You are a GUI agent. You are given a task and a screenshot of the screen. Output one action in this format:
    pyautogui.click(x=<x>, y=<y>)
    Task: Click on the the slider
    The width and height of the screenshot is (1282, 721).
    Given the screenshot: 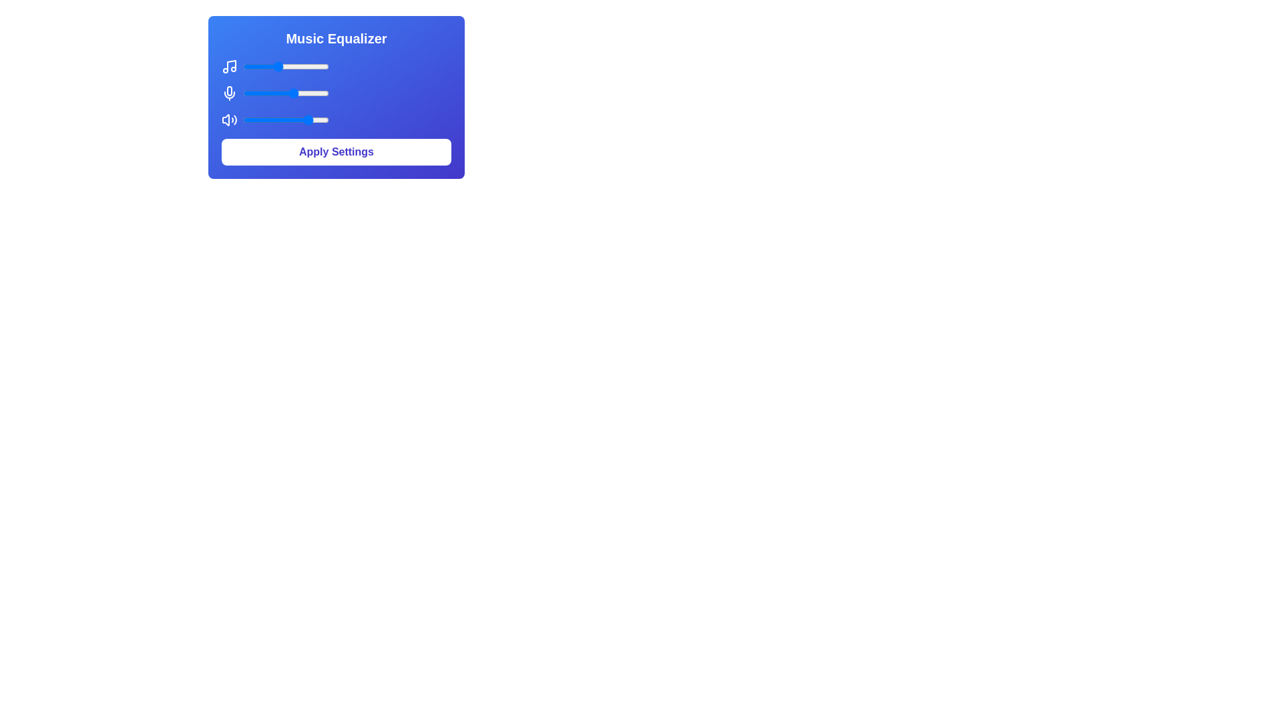 What is the action you would take?
    pyautogui.click(x=268, y=92)
    